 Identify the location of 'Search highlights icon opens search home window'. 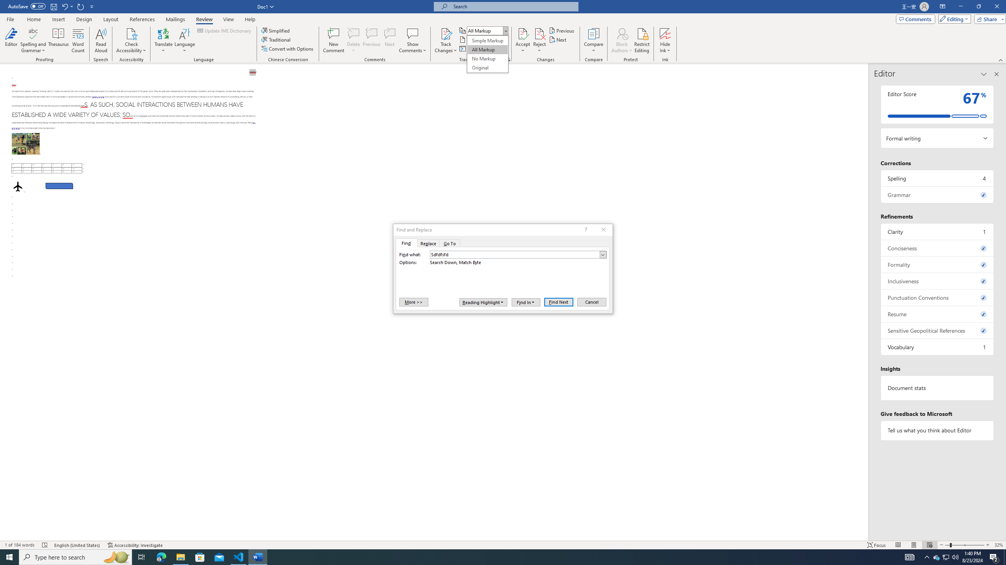
(116, 556).